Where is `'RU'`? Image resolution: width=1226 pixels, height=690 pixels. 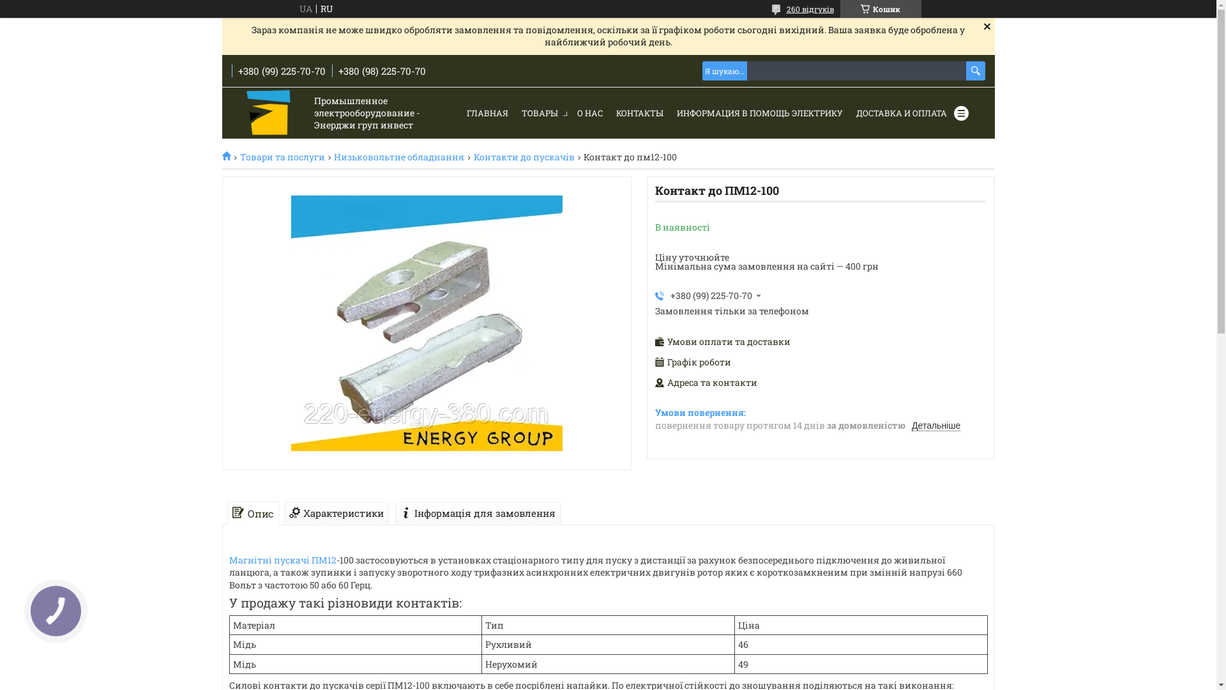
'RU' is located at coordinates (315, 9).